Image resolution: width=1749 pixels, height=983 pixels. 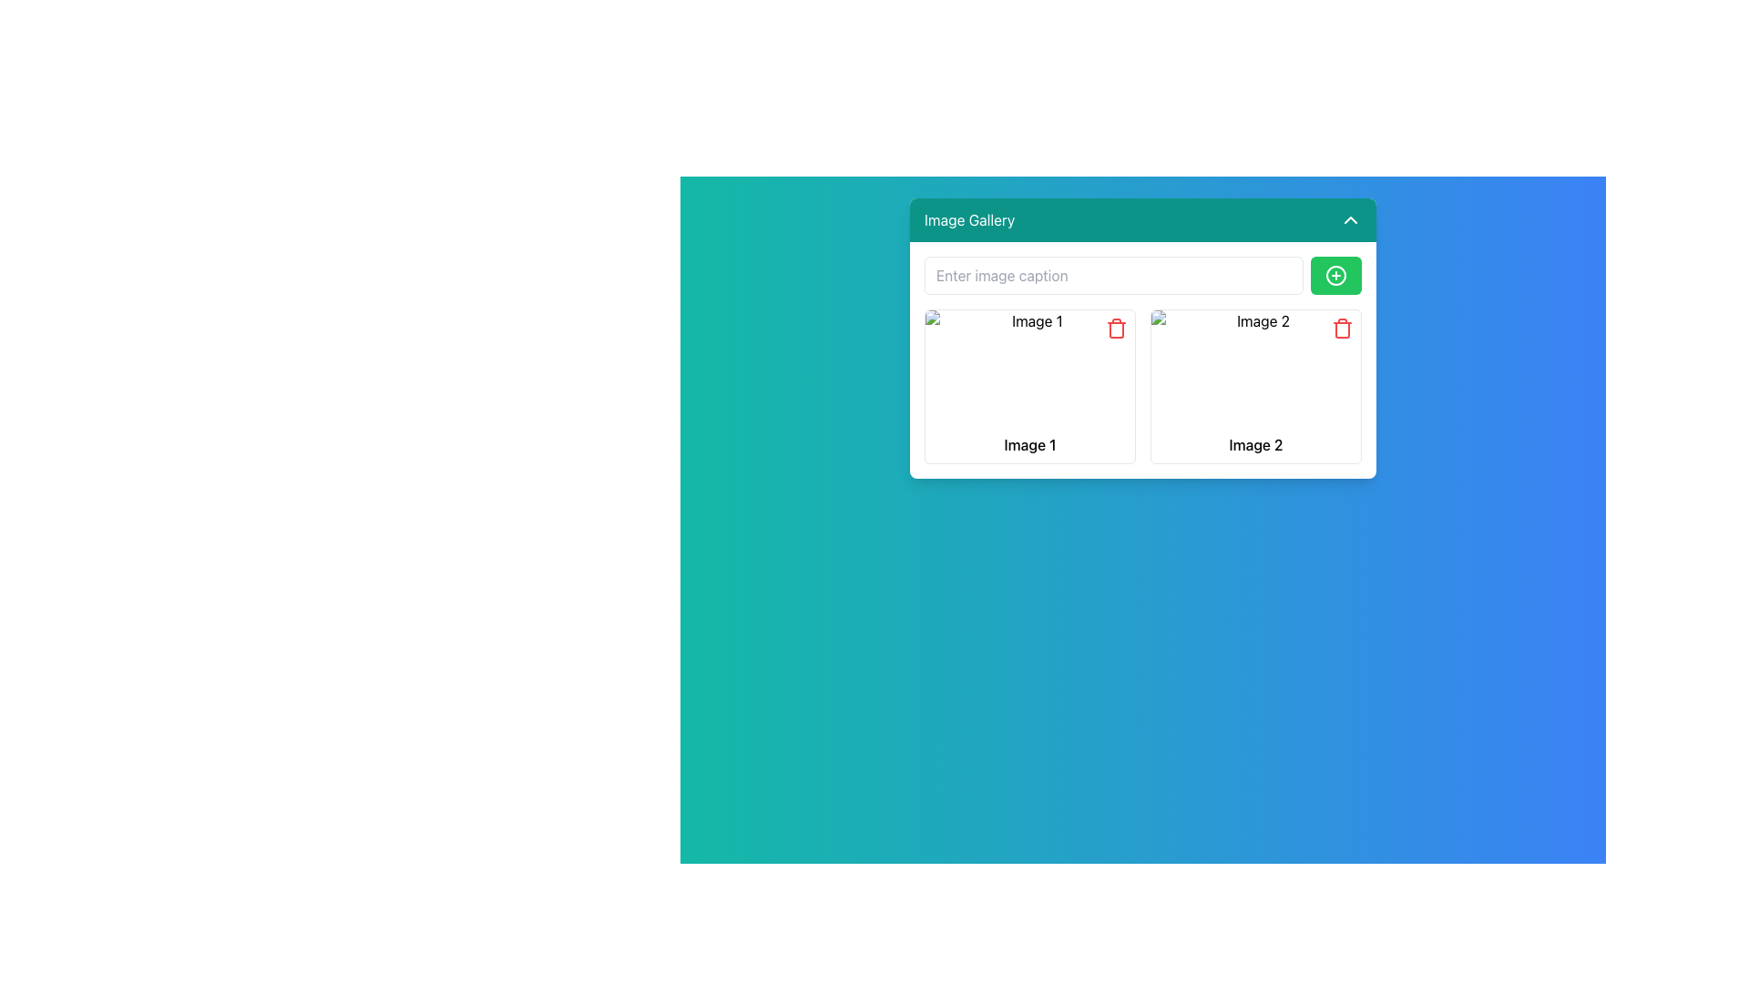 I want to click on the medium-sized, rectangular button with rounded corners, styled with a green background and white text, which contains a '+' icon at its center, so click(x=1336, y=276).